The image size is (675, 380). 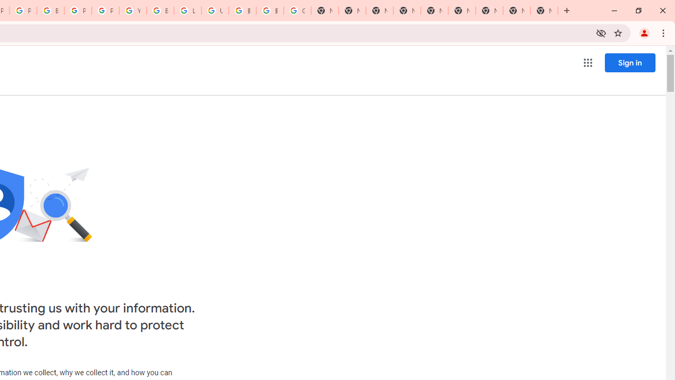 What do you see at coordinates (296, 11) in the screenshot?
I see `'Google Images'` at bounding box center [296, 11].